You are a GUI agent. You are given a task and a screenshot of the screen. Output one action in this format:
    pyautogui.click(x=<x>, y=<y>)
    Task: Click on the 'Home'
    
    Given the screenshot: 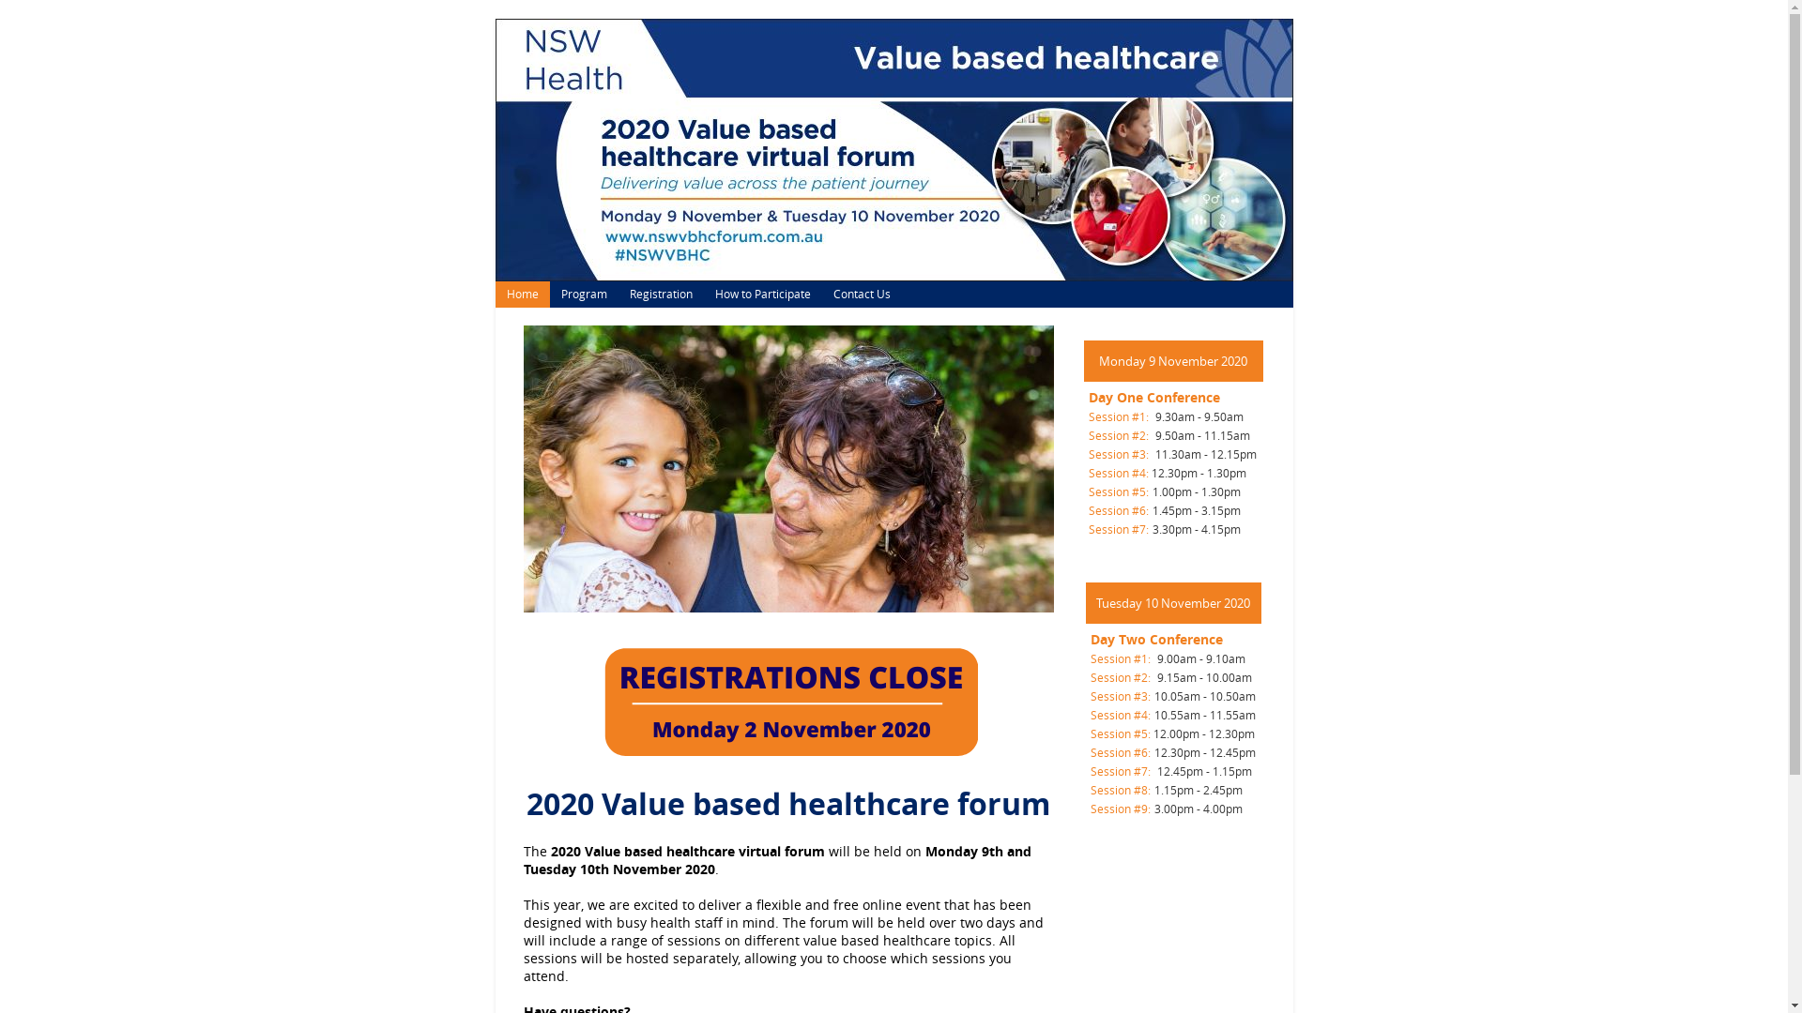 What is the action you would take?
    pyautogui.click(x=496, y=294)
    